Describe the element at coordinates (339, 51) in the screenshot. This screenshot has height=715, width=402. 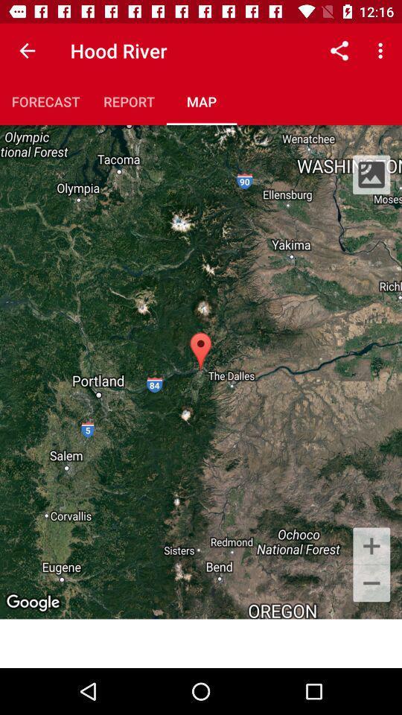
I see `item next to the hood river item` at that location.